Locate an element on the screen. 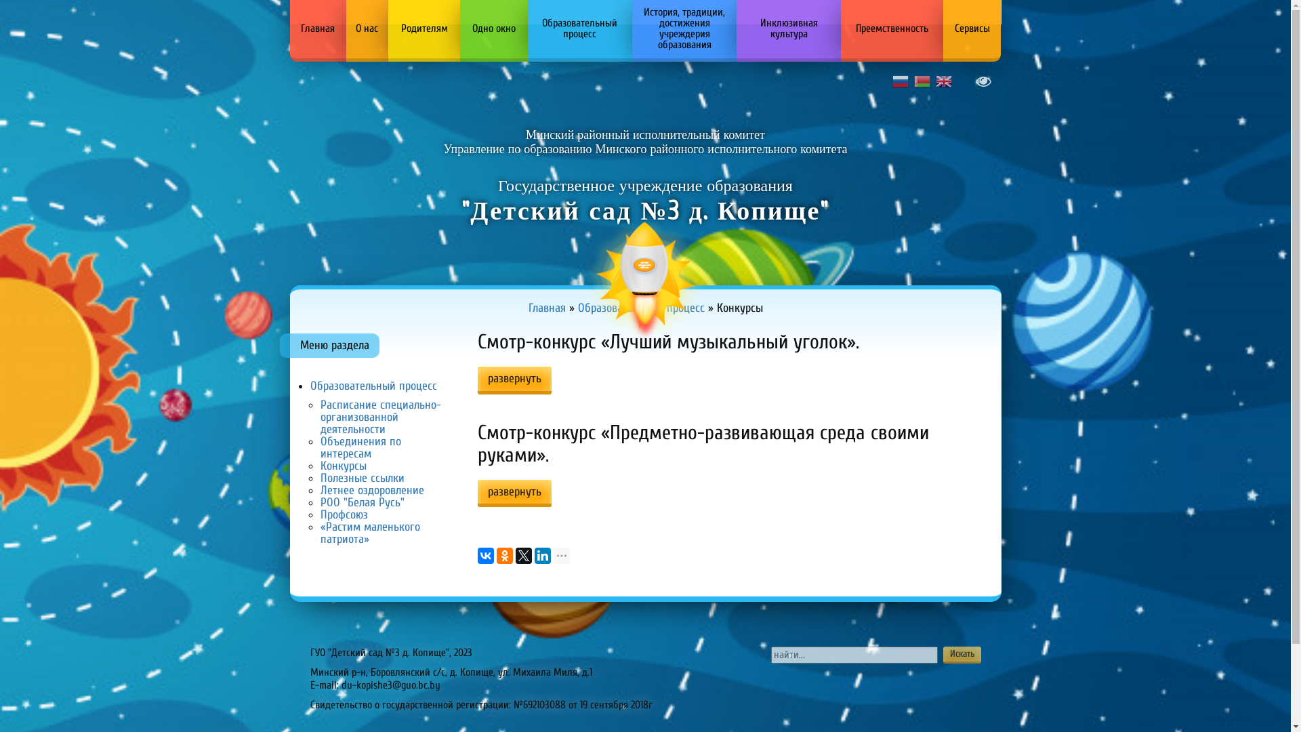 This screenshot has width=1301, height=732. 'Twitter' is located at coordinates (522, 556).